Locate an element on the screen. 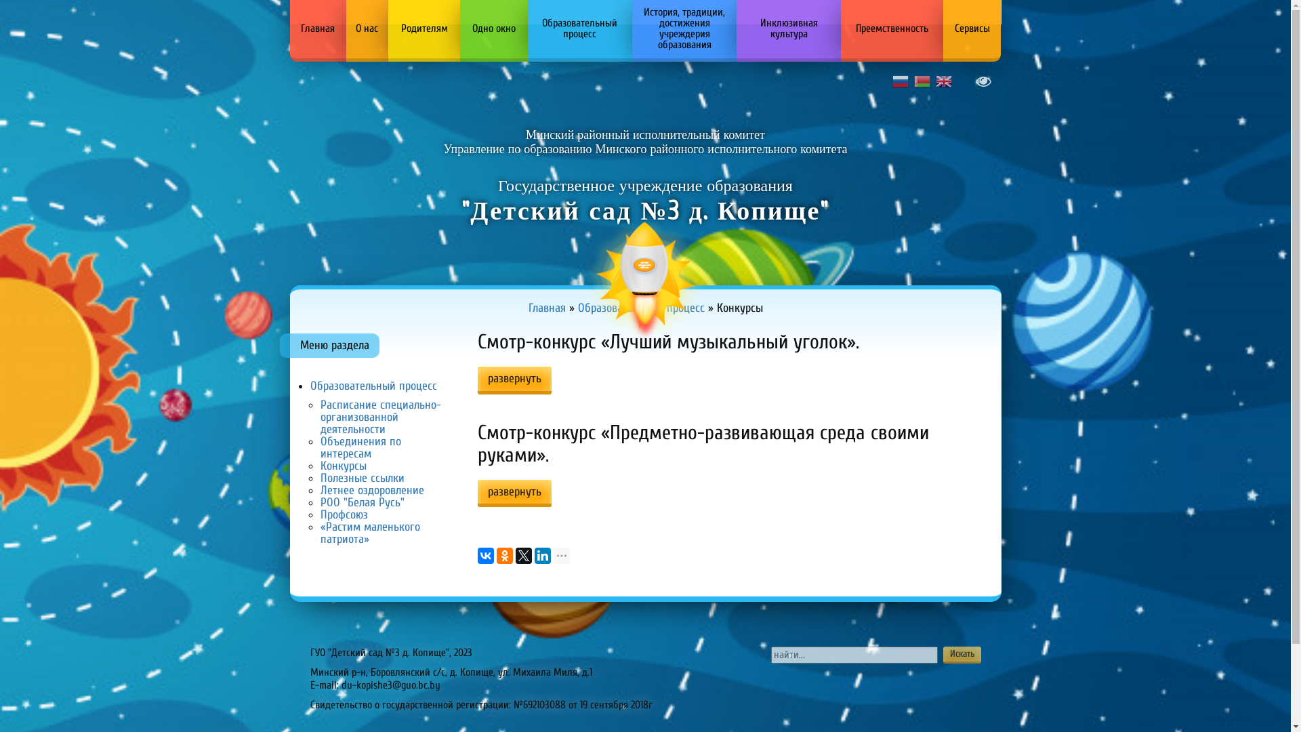 This screenshot has width=1301, height=732. 'Twitter' is located at coordinates (522, 556).